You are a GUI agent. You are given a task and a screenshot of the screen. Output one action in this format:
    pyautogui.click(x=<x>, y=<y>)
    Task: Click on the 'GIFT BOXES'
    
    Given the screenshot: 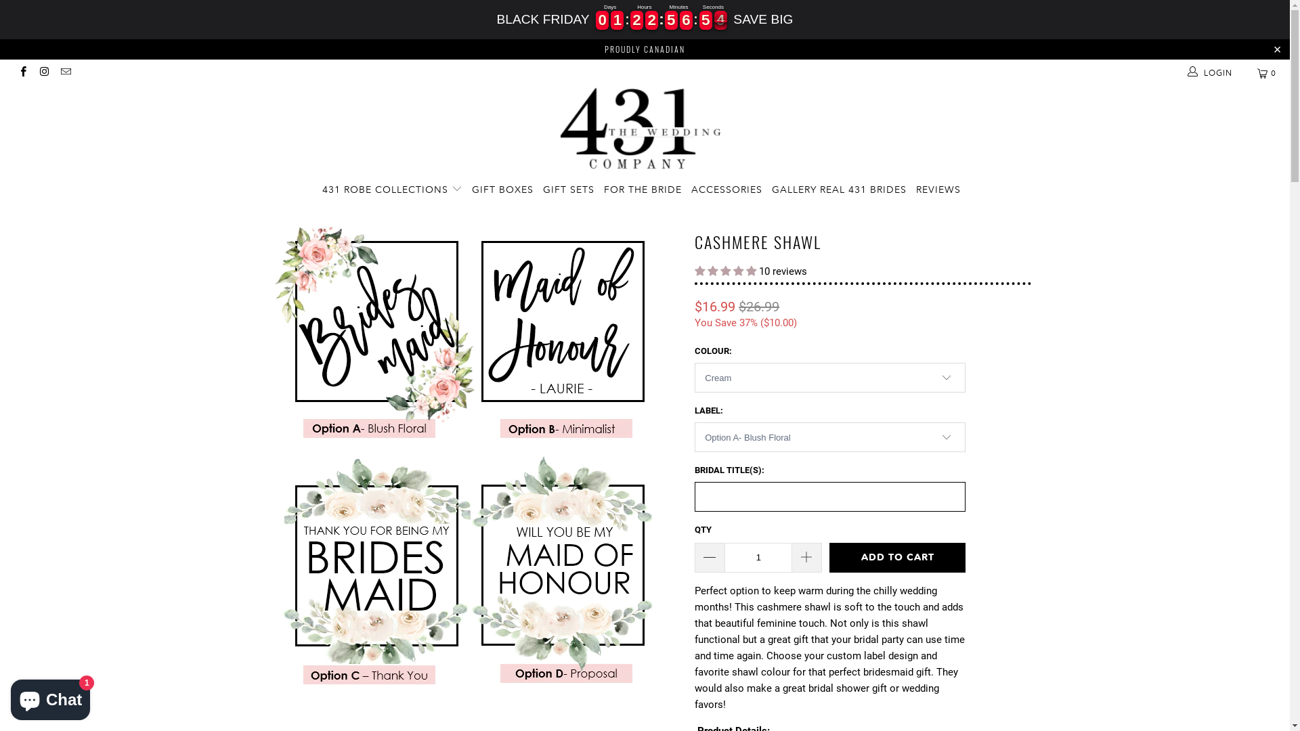 What is the action you would take?
    pyautogui.click(x=502, y=190)
    